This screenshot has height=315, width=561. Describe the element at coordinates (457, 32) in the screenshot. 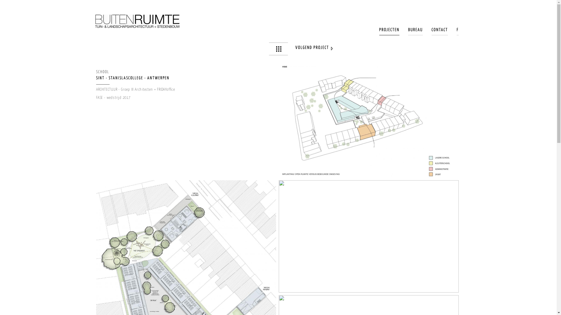

I see `'F'` at that location.